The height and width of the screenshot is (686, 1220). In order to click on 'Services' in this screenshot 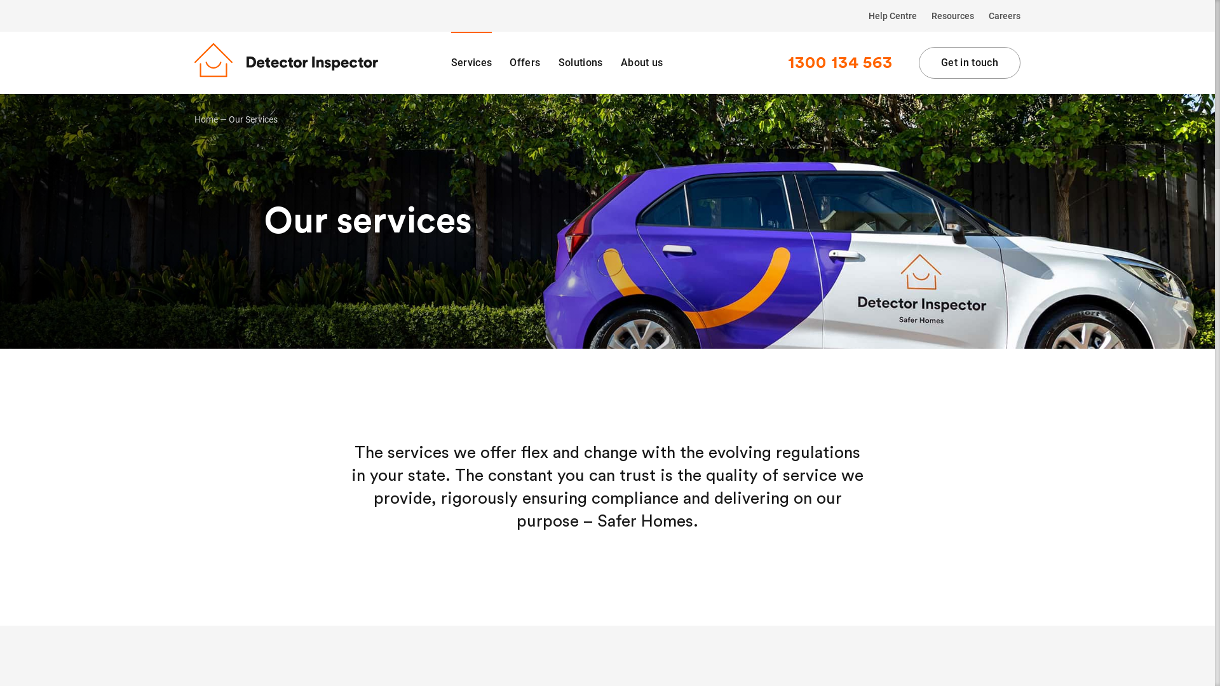, I will do `click(471, 63)`.